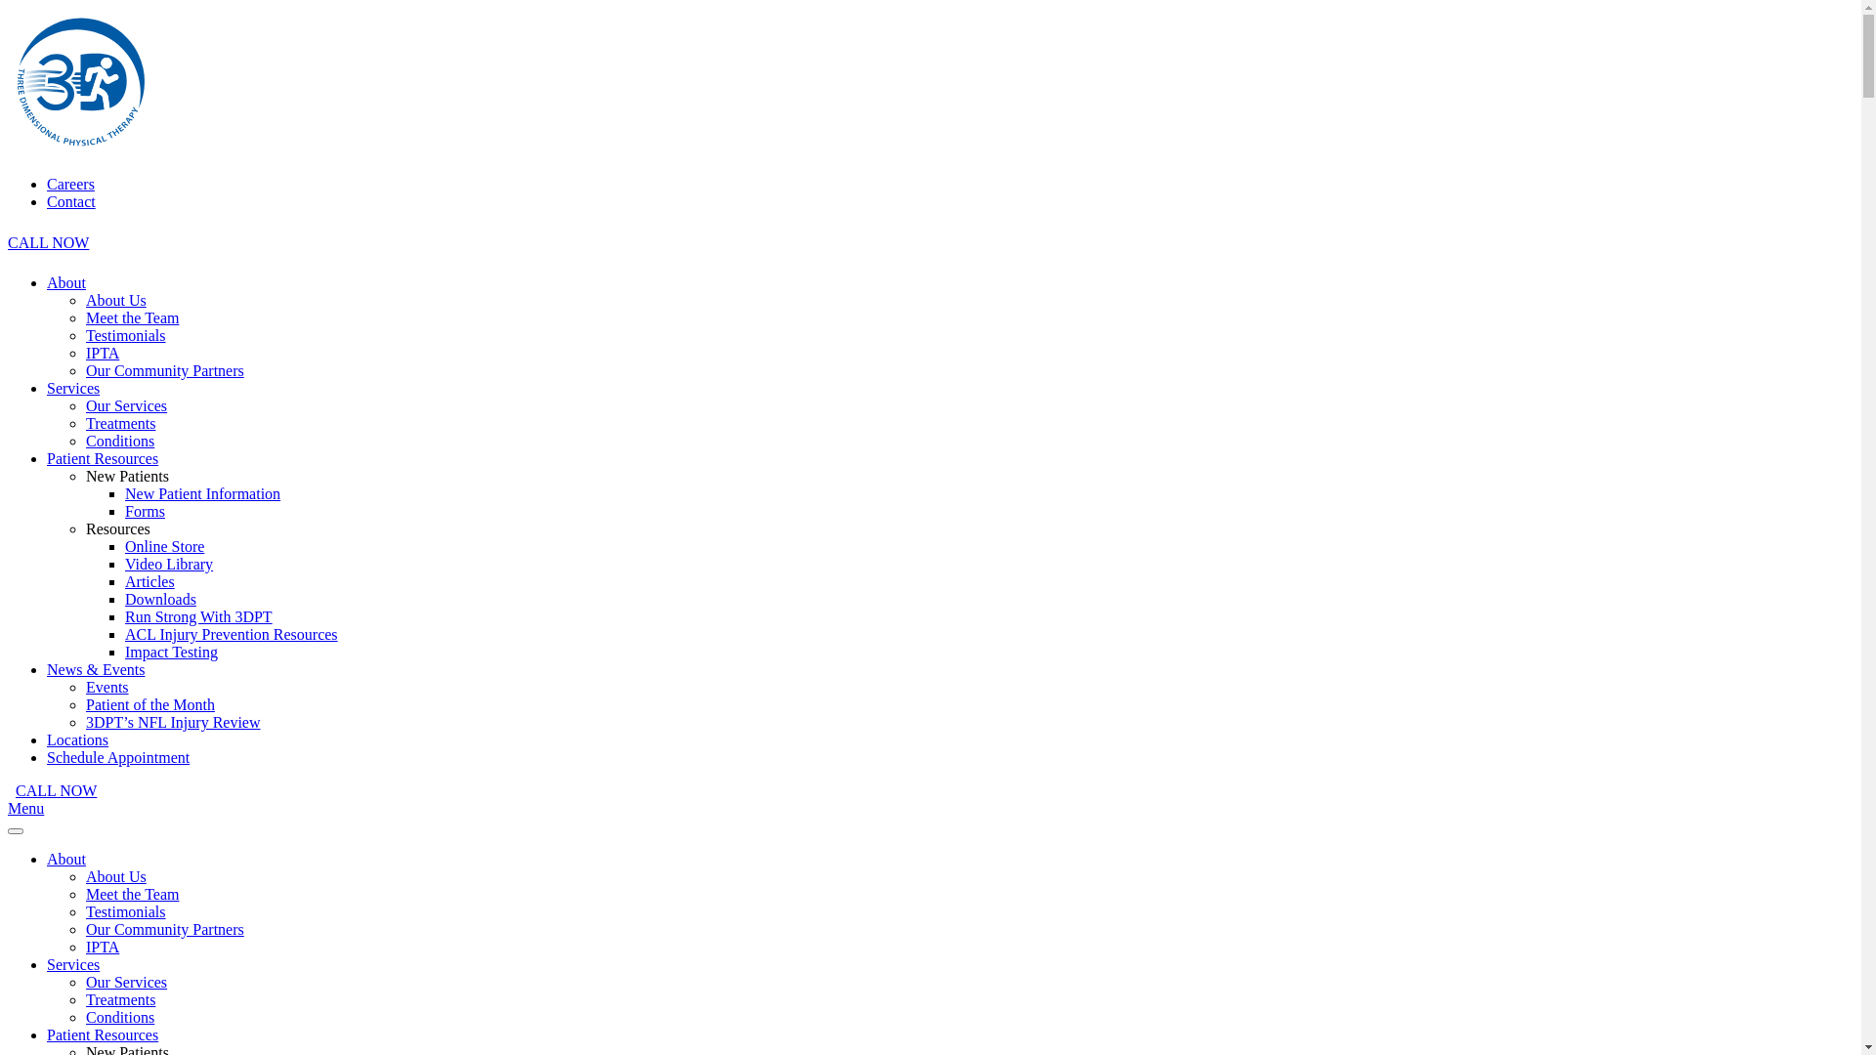  I want to click on 'CALL NOW', so click(48, 241).